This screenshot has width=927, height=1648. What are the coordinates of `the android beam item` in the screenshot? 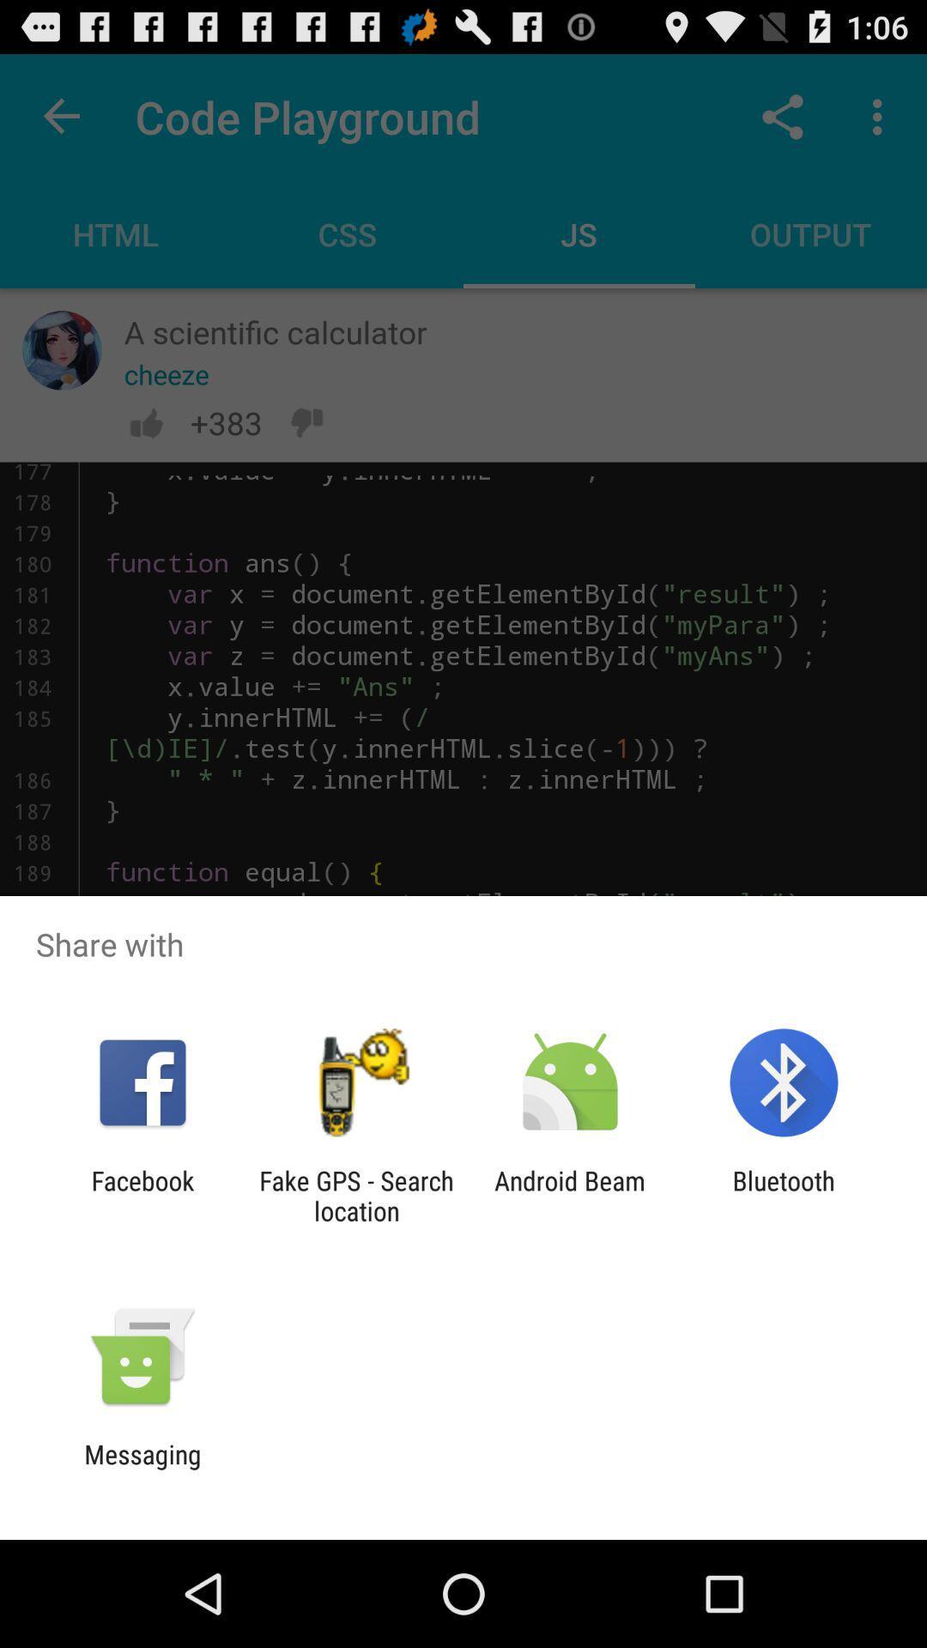 It's located at (570, 1195).